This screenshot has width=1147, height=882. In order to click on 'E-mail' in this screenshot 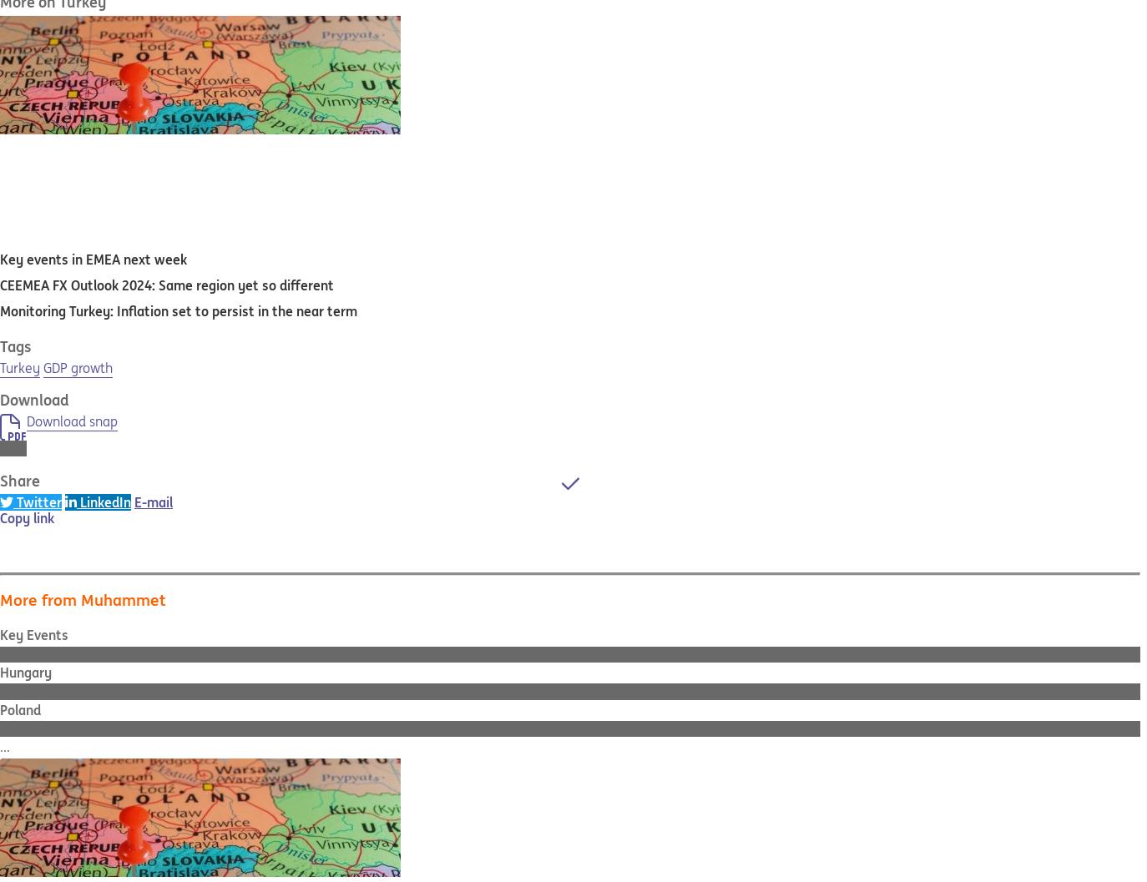, I will do `click(152, 501)`.